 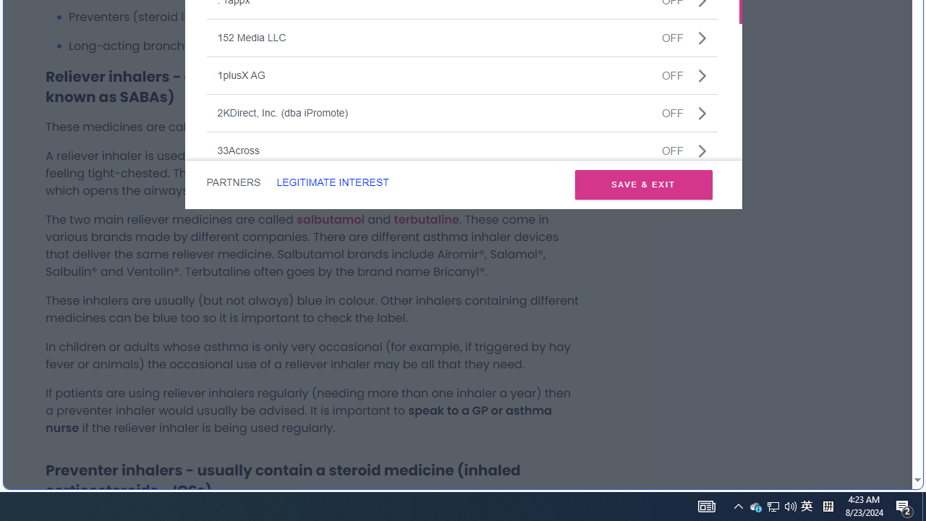 What do you see at coordinates (461, 151) in the screenshot?
I see `'33AcrossOFF'` at bounding box center [461, 151].